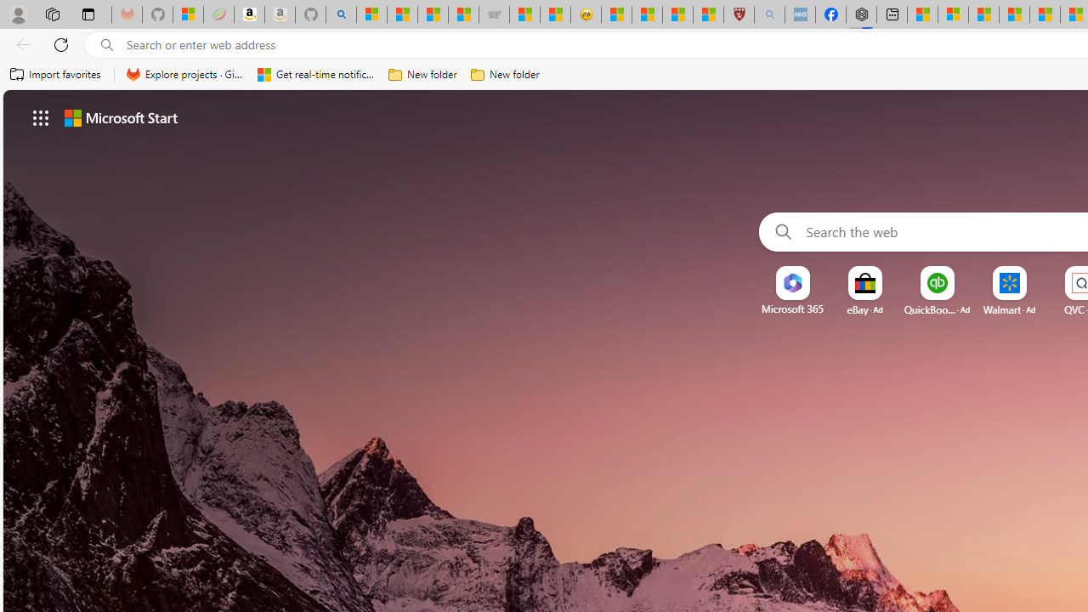 This screenshot has height=612, width=1088. Describe the element at coordinates (120, 116) in the screenshot. I see `'Microsoft start'` at that location.